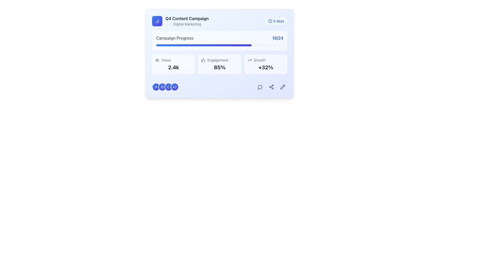 Image resolution: width=494 pixels, height=278 pixels. I want to click on the progress bar indicating 75% completion, located below the 'Campaign Progress 18/24' label in the dashboard layout, so click(220, 45).